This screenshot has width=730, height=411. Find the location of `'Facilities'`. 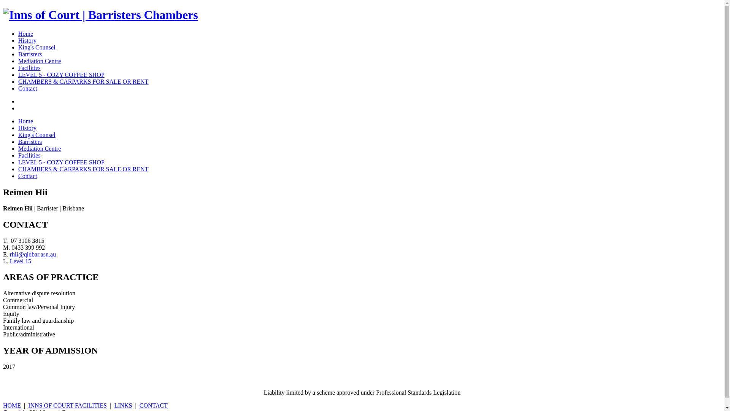

'Facilities' is located at coordinates (29, 155).